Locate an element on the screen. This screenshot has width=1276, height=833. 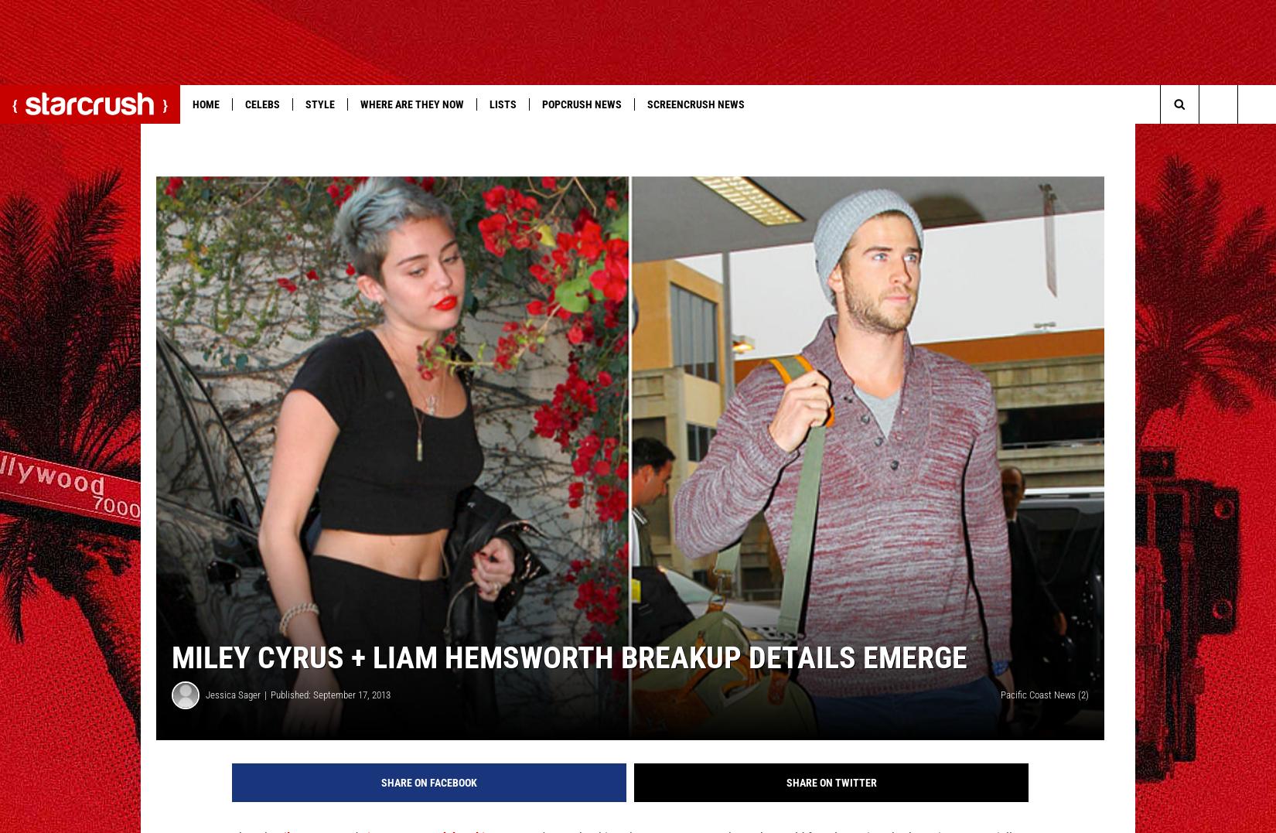
'Share on Facebook' is located at coordinates (428, 807).